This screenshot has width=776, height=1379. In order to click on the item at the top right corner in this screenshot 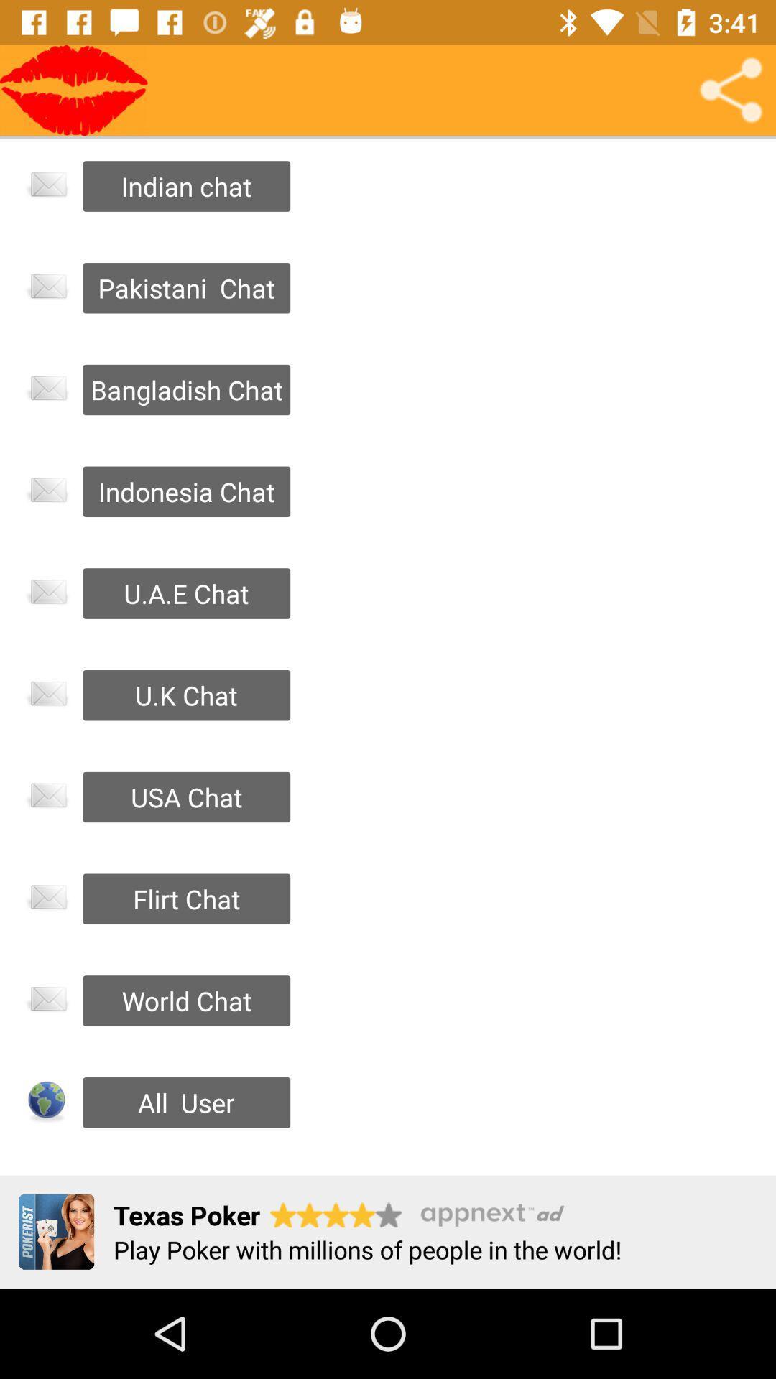, I will do `click(731, 89)`.